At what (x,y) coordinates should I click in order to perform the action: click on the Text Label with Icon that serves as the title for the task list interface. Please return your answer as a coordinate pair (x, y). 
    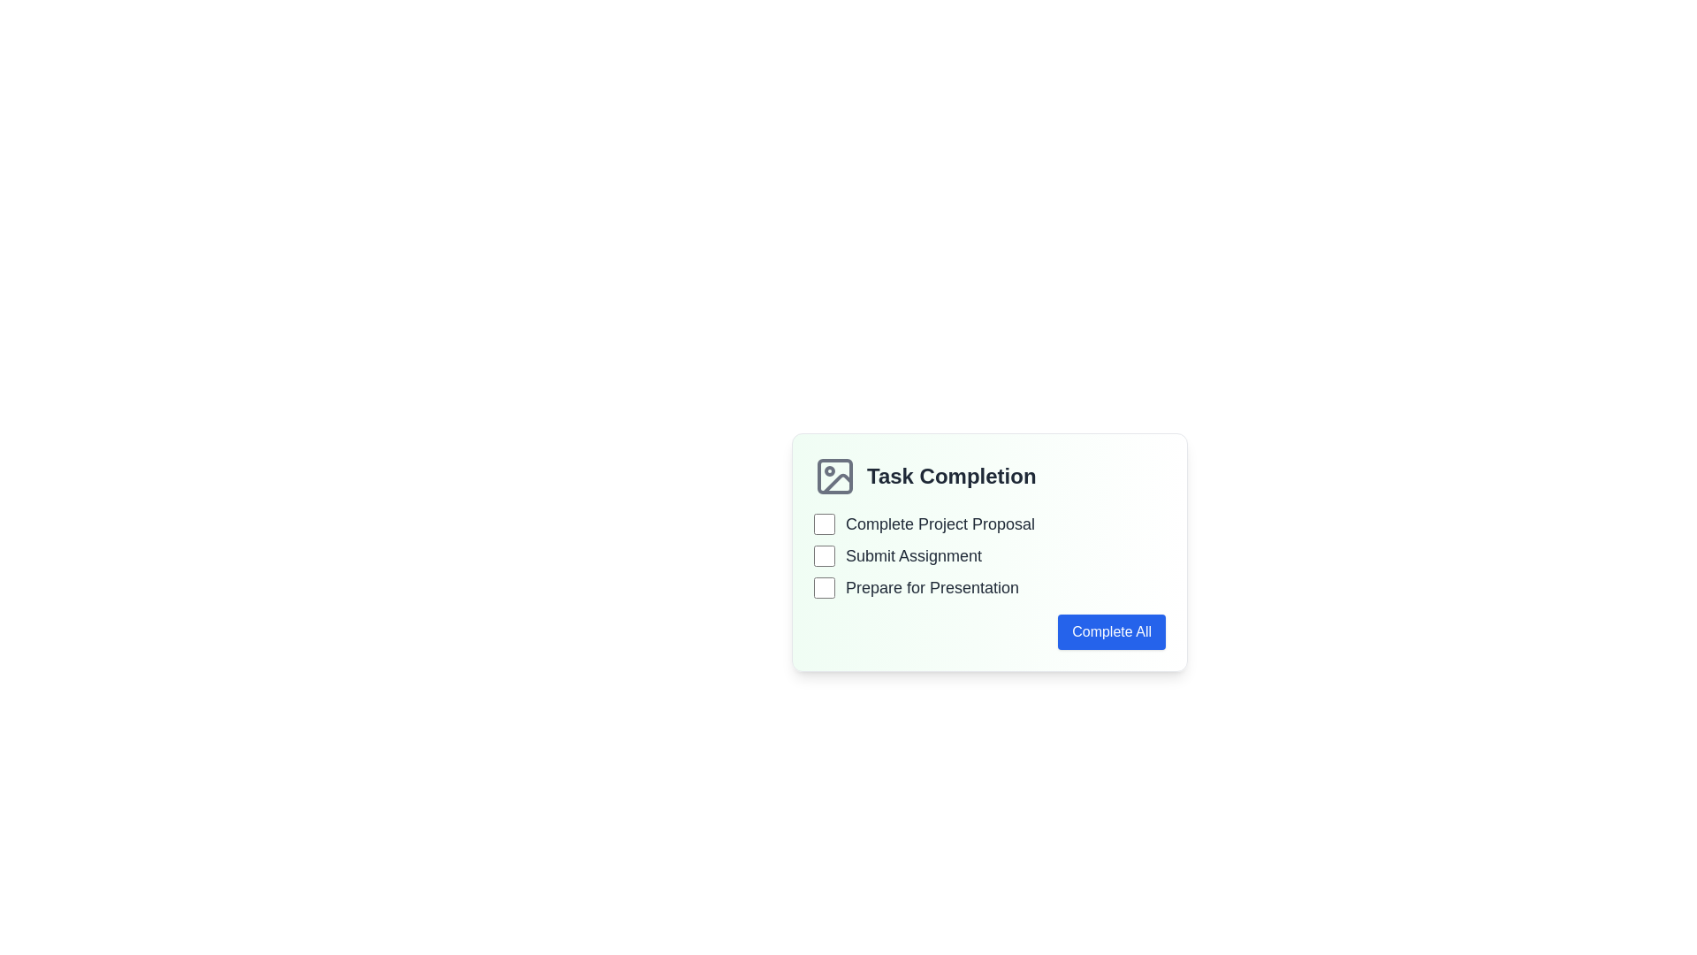
    Looking at the image, I should click on (988, 476).